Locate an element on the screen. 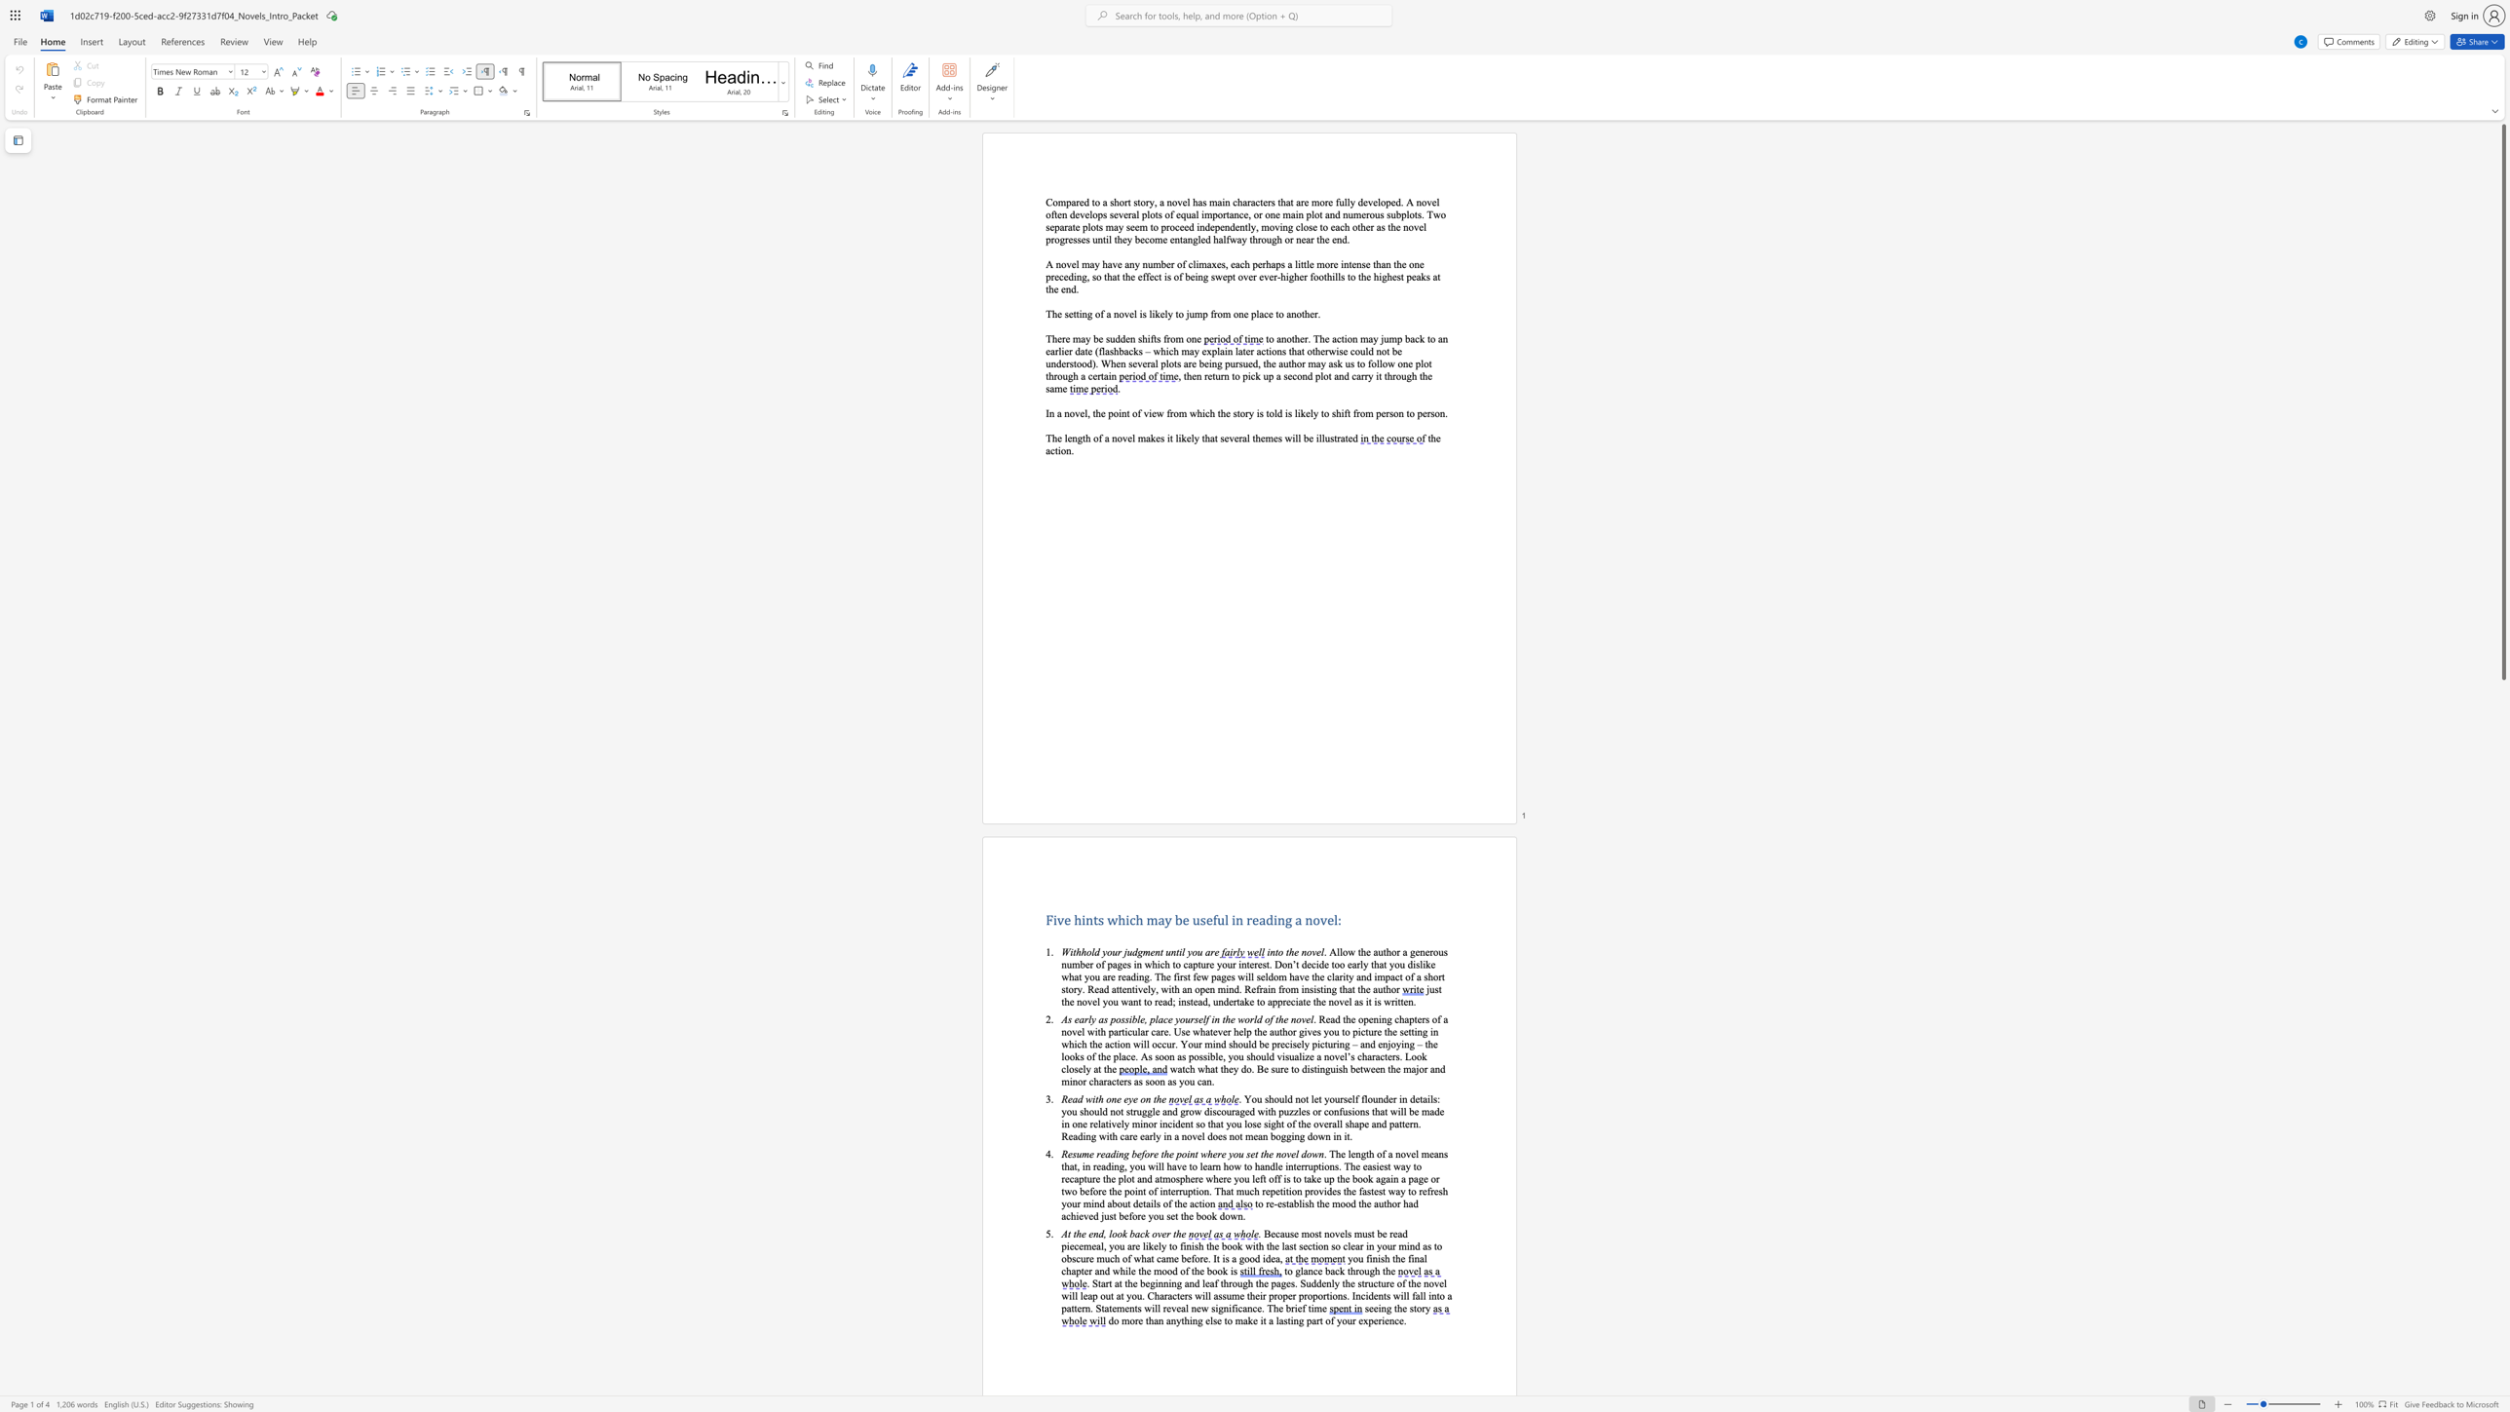 This screenshot has width=2510, height=1412. the subset text "ee" within the text "seeing the story" is located at coordinates (1368, 1308).